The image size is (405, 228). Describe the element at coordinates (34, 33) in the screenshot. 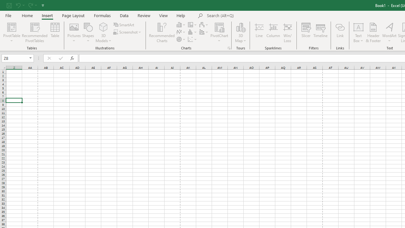

I see `'Recommended PivotTables'` at that location.